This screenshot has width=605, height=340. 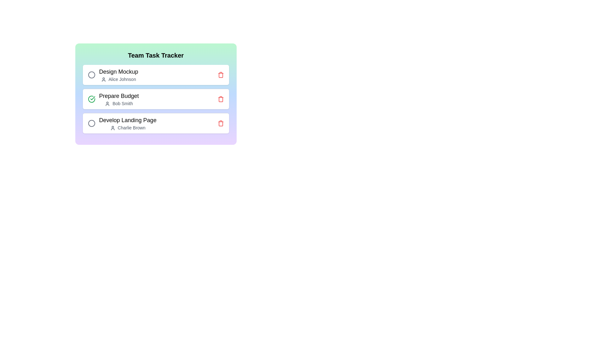 What do you see at coordinates (221, 99) in the screenshot?
I see `the trash icon to delete the task Prepare Budget` at bounding box center [221, 99].